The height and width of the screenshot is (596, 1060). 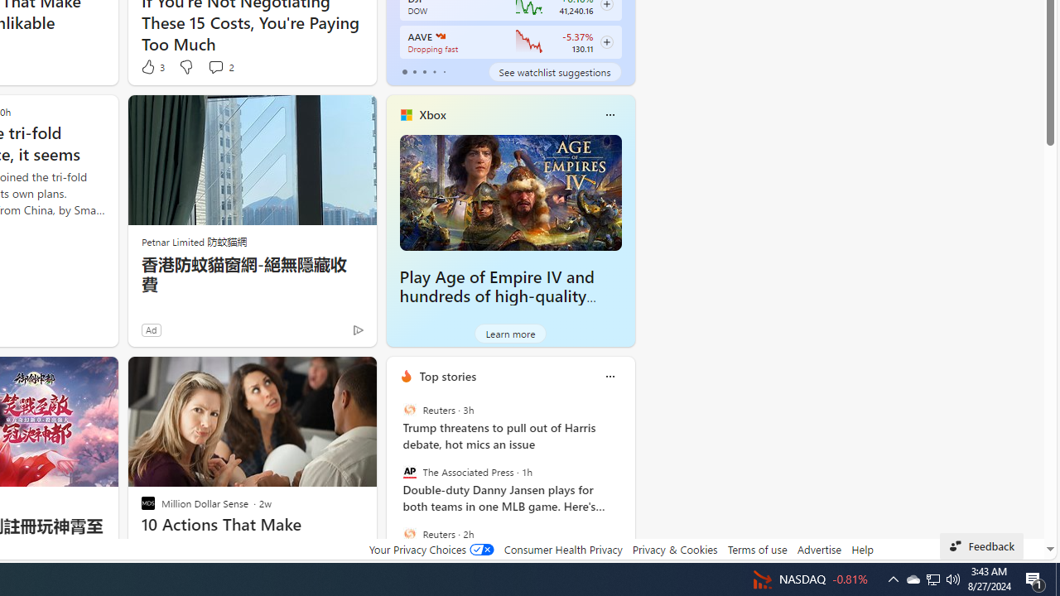 What do you see at coordinates (409, 533) in the screenshot?
I see `'Reuters'` at bounding box center [409, 533].